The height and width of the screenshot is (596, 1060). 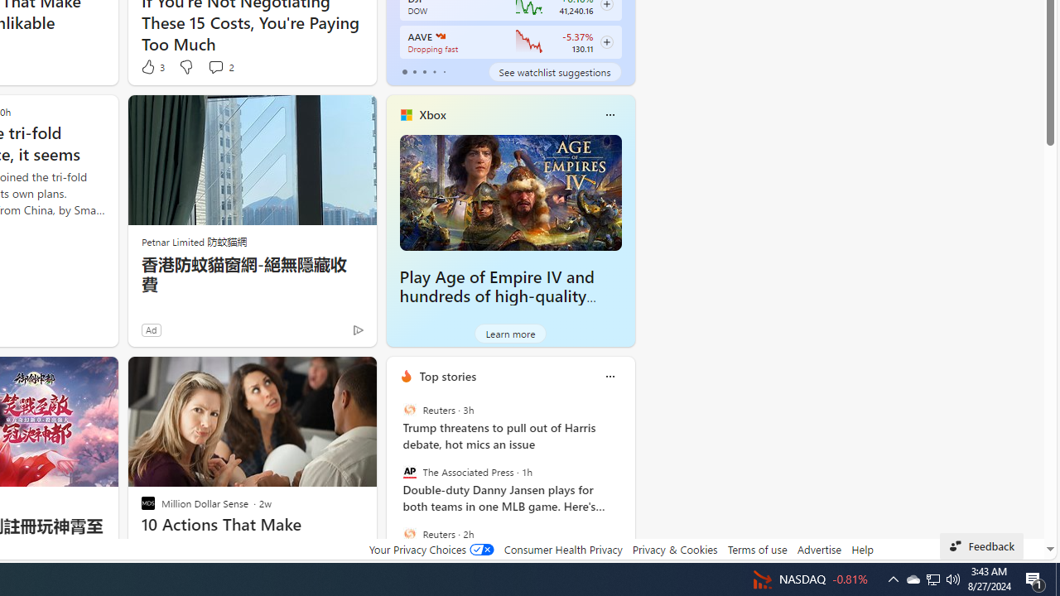 What do you see at coordinates (409, 533) in the screenshot?
I see `'Reuters'` at bounding box center [409, 533].